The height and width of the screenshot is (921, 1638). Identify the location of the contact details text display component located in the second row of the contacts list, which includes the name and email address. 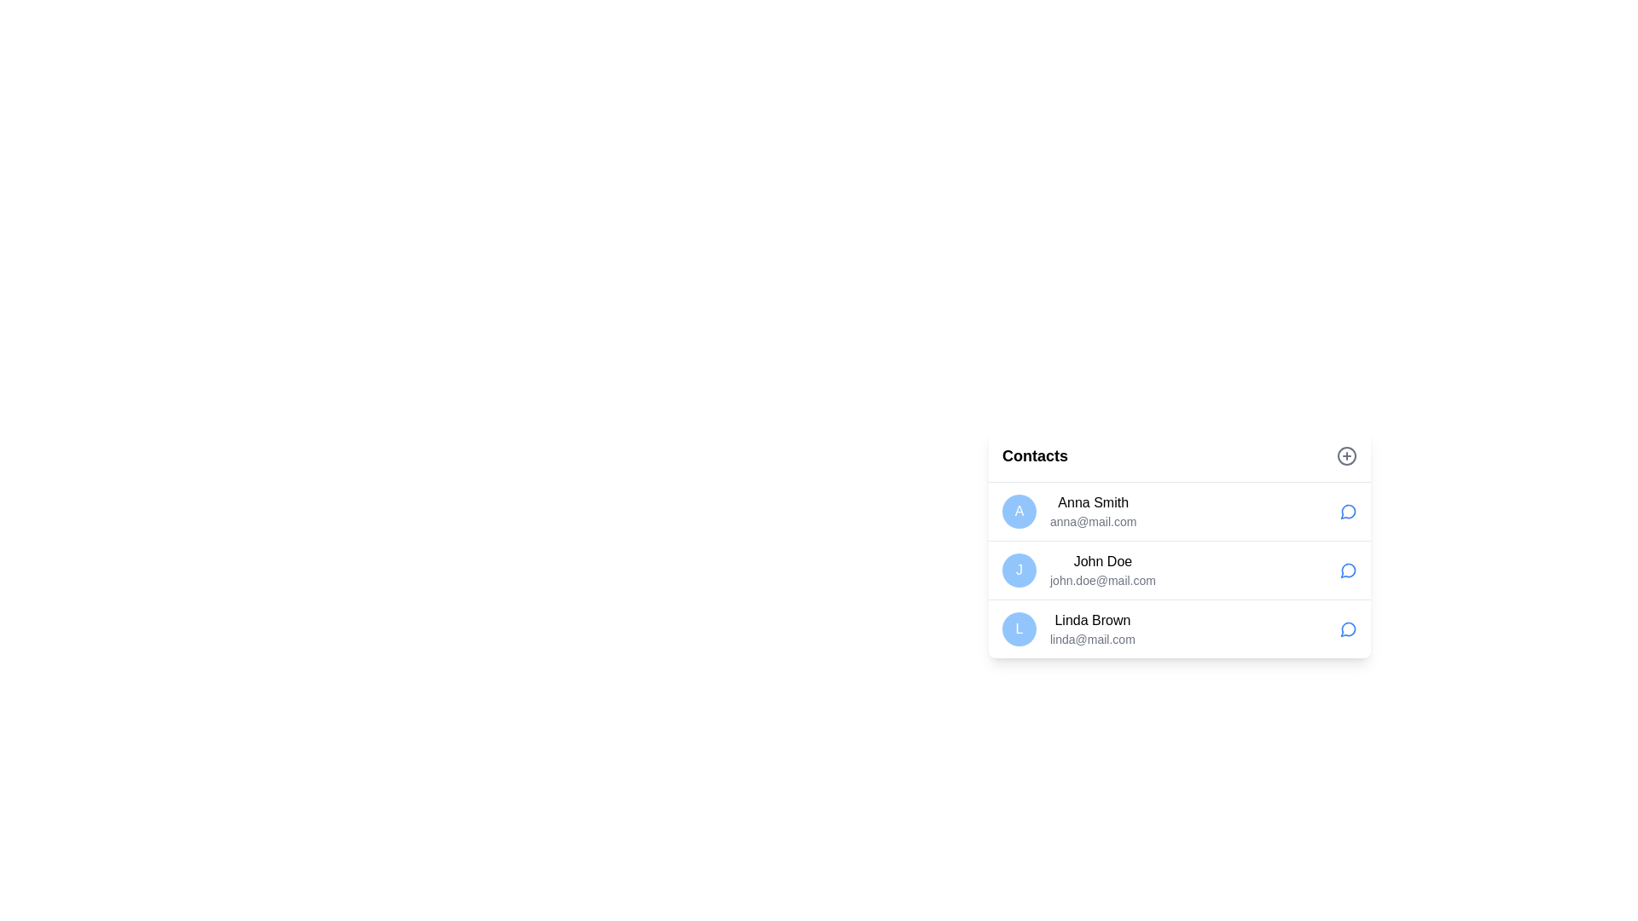
(1102, 570).